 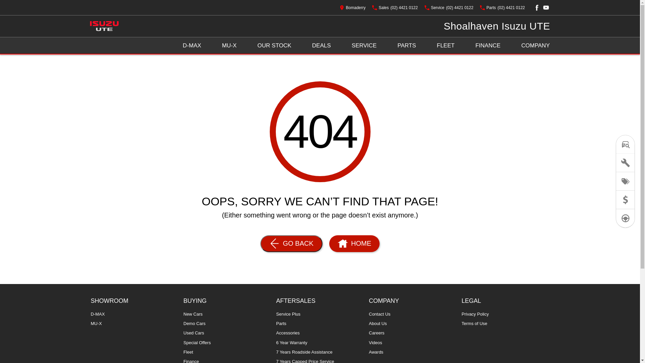 I want to click on 'Privacy Policy', so click(x=475, y=316).